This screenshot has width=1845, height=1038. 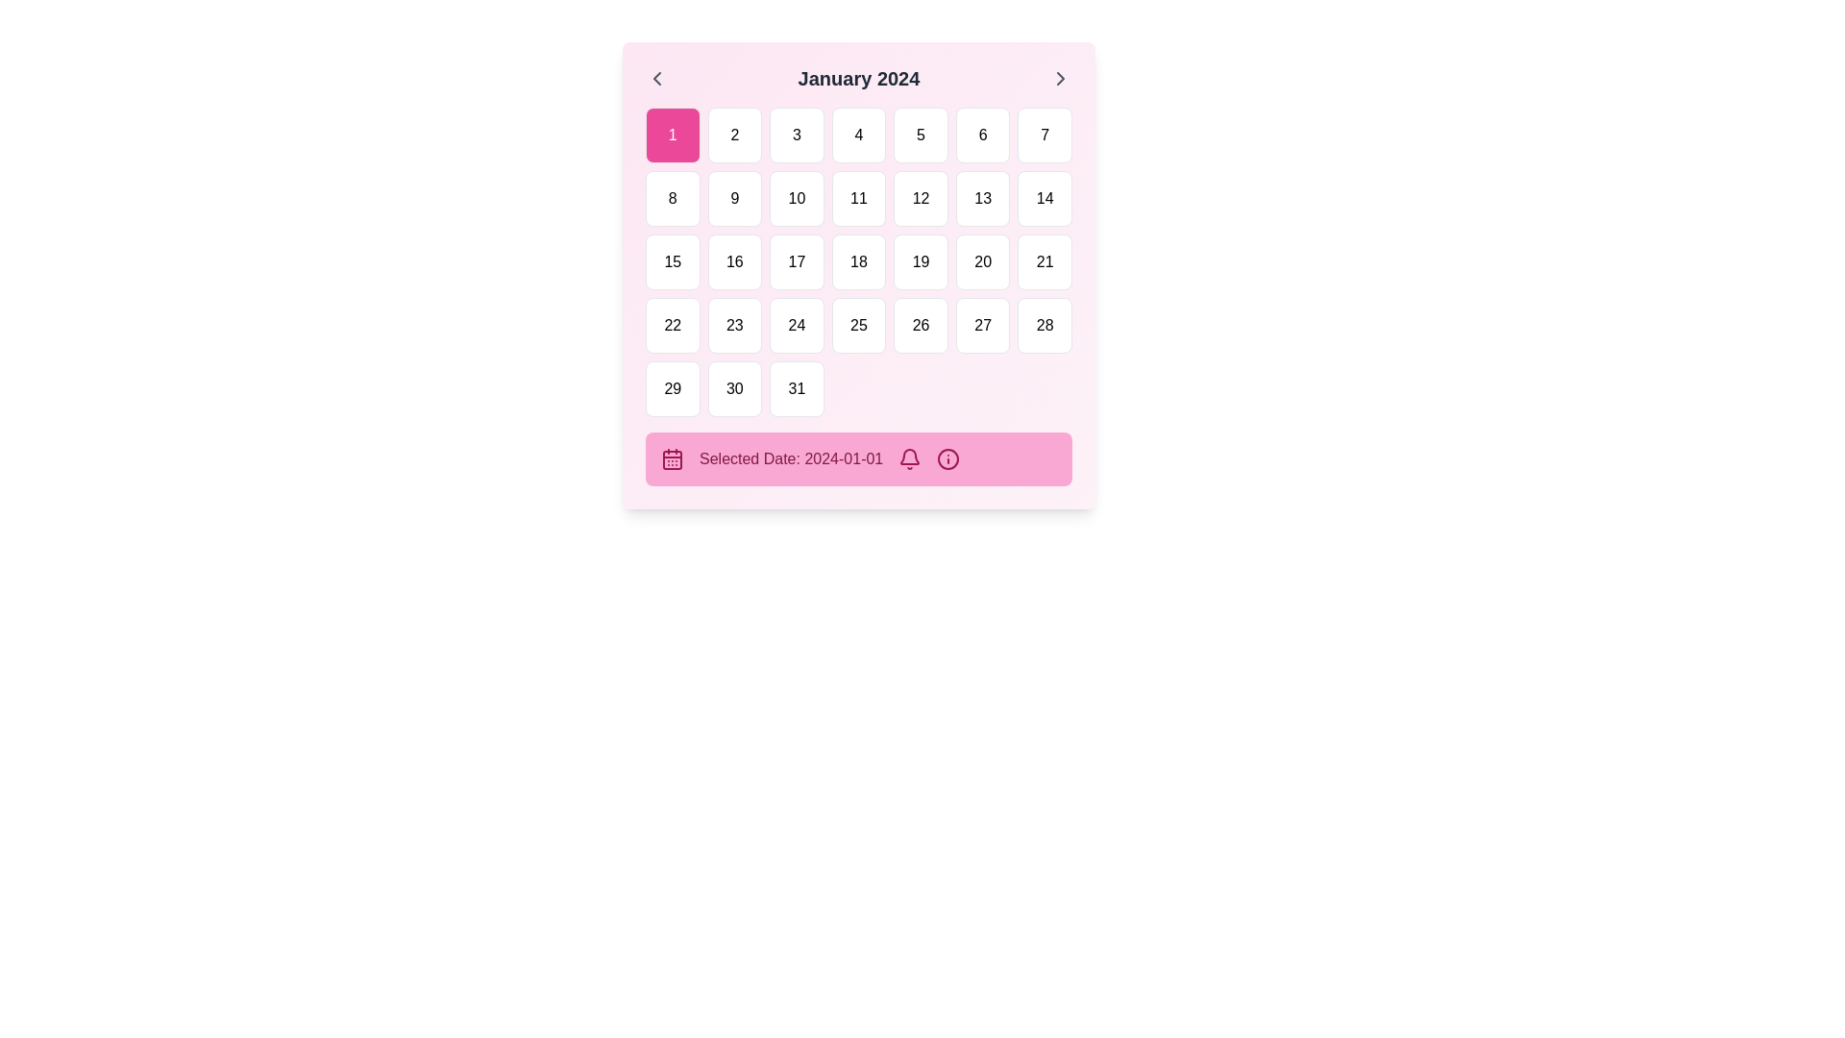 What do you see at coordinates (983, 199) in the screenshot?
I see `the button representing the date '13' in the January 2024 calendar` at bounding box center [983, 199].